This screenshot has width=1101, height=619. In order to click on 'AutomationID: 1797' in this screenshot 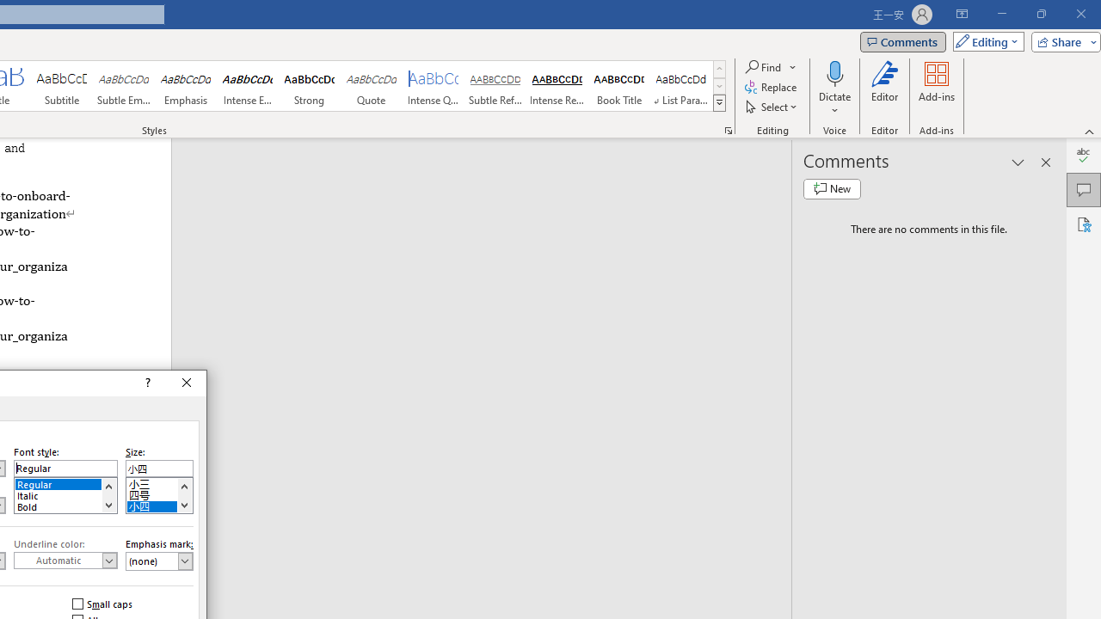, I will do `click(184, 495)`.